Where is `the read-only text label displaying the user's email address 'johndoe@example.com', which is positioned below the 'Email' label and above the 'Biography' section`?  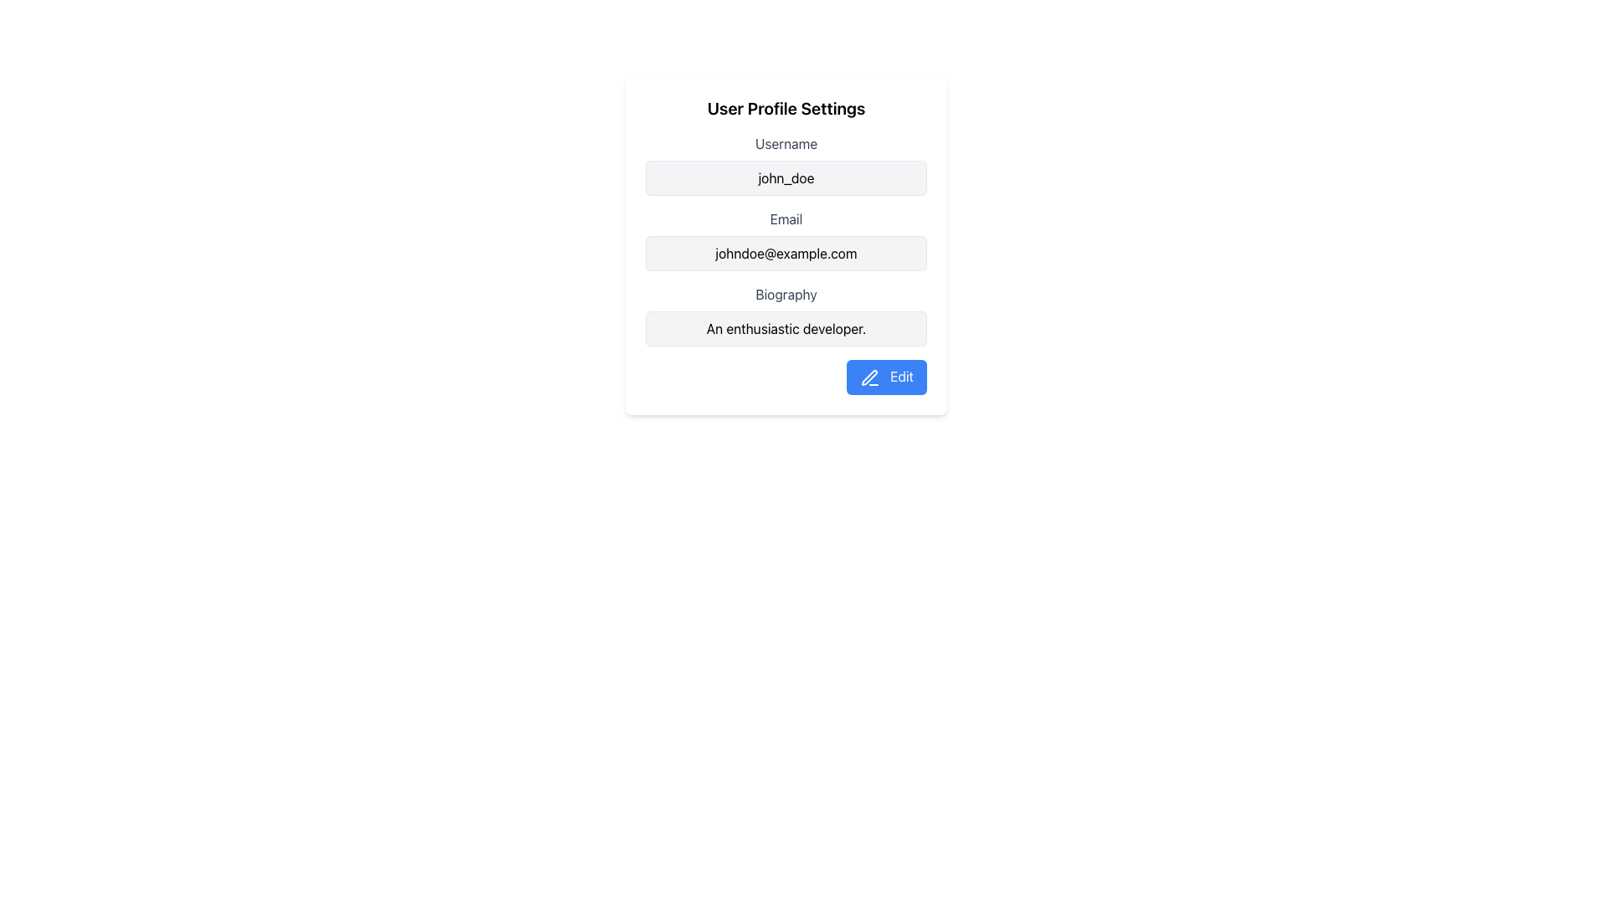
the read-only text label displaying the user's email address 'johndoe@example.com', which is positioned below the 'Email' label and above the 'Biography' section is located at coordinates (786, 254).